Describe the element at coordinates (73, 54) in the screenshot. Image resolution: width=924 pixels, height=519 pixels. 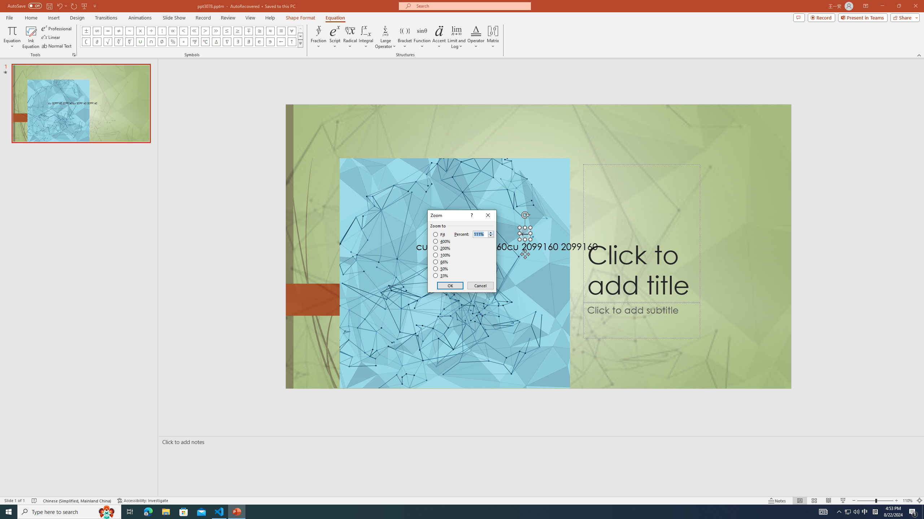
I see `'Equation Options...'` at that location.